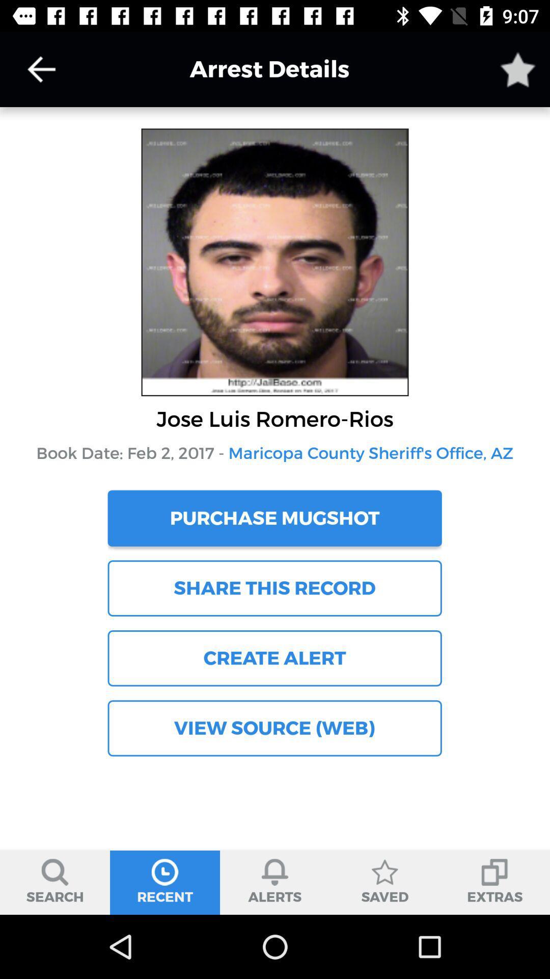  Describe the element at coordinates (518, 69) in the screenshot. I see `arrest details` at that location.